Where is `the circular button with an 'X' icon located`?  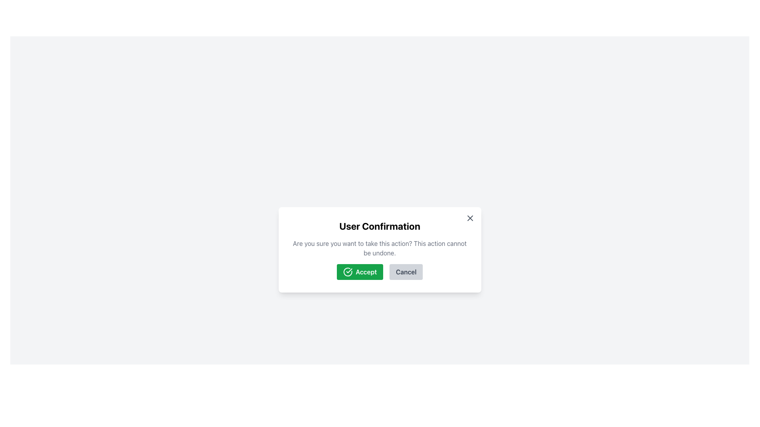
the circular button with an 'X' icon located is located at coordinates (470, 218).